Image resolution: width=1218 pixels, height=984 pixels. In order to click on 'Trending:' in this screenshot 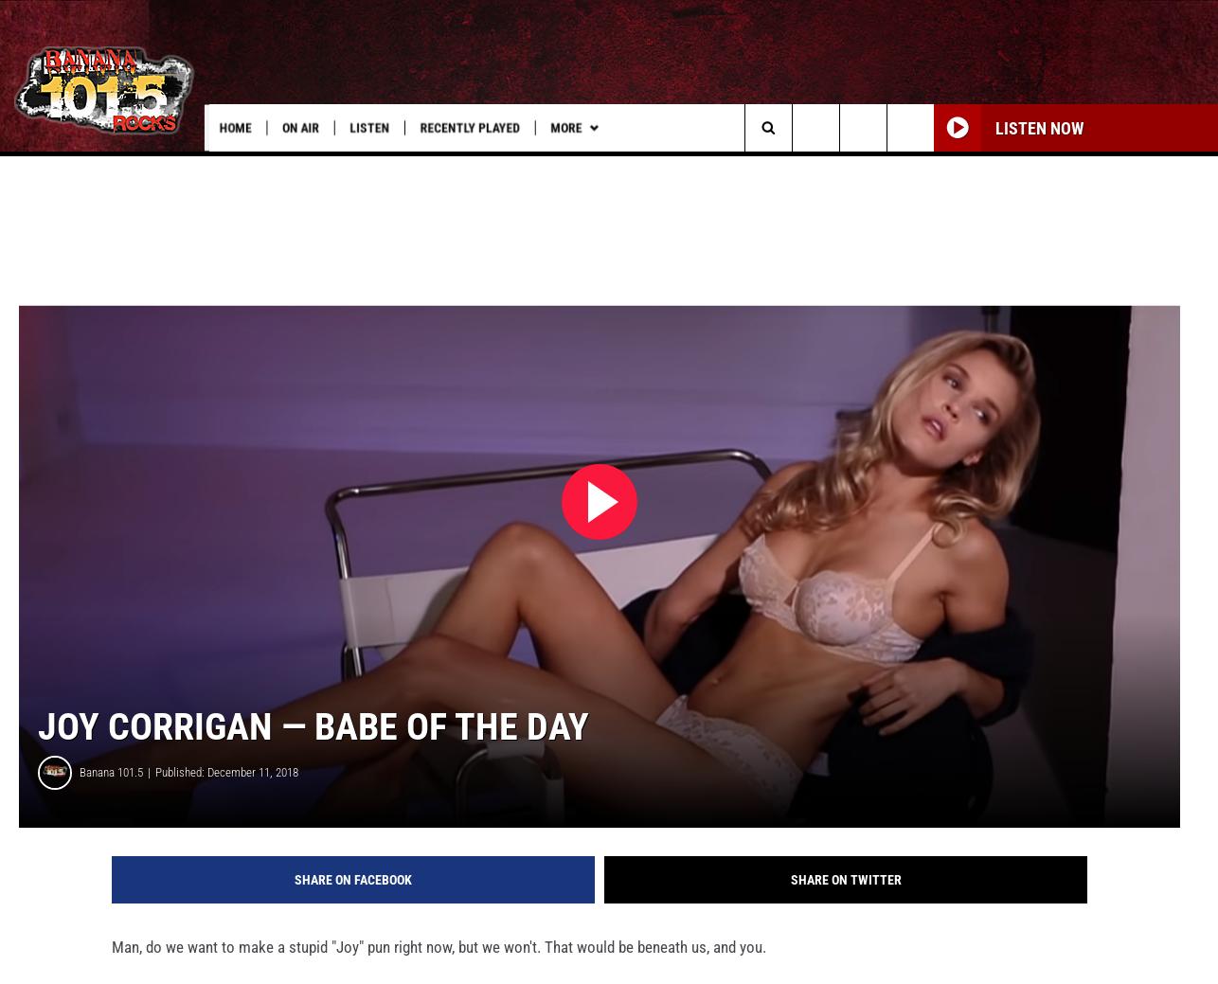, I will do `click(59, 167)`.